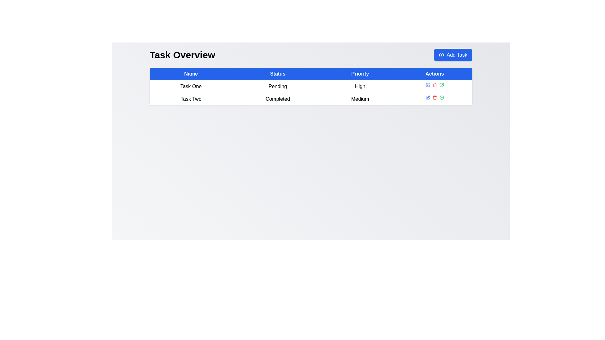  I want to click on the blue rectangular button labeled 'Add Task' with a plus icon, located in the top-right corner of the 'Task Overview' section, so click(453, 54).